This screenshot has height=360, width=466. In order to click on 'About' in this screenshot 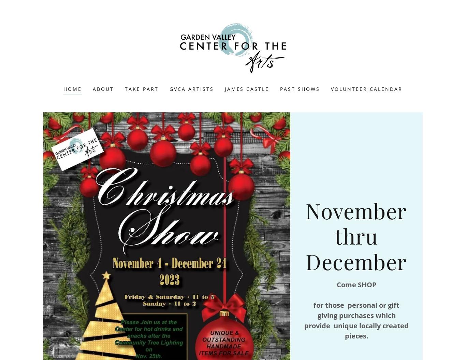, I will do `click(103, 89)`.